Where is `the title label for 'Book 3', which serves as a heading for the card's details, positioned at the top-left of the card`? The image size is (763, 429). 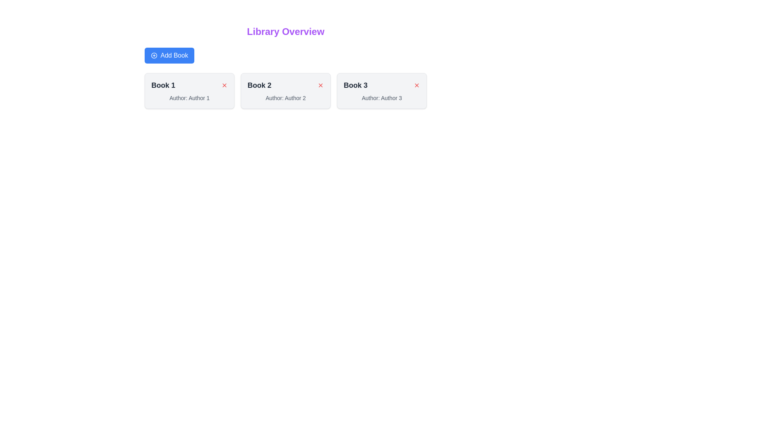
the title label for 'Book 3', which serves as a heading for the card's details, positioned at the top-left of the card is located at coordinates (355, 85).